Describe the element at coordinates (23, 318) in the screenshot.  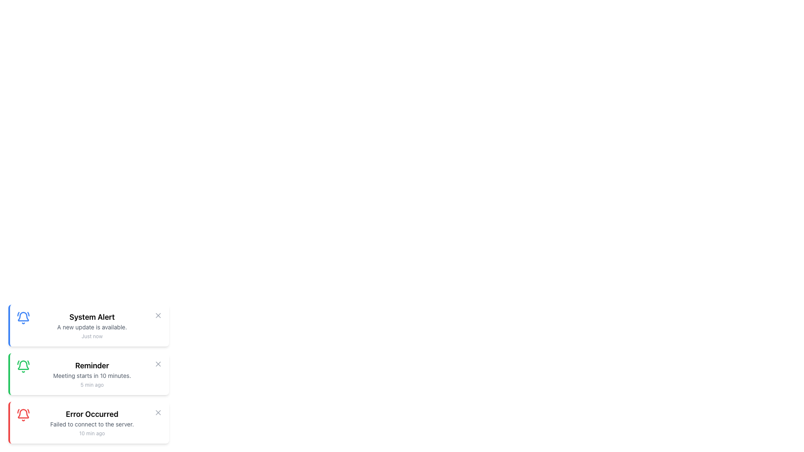
I see `the blue notification bell icon located at the left side of the 'System Alert' card` at that location.